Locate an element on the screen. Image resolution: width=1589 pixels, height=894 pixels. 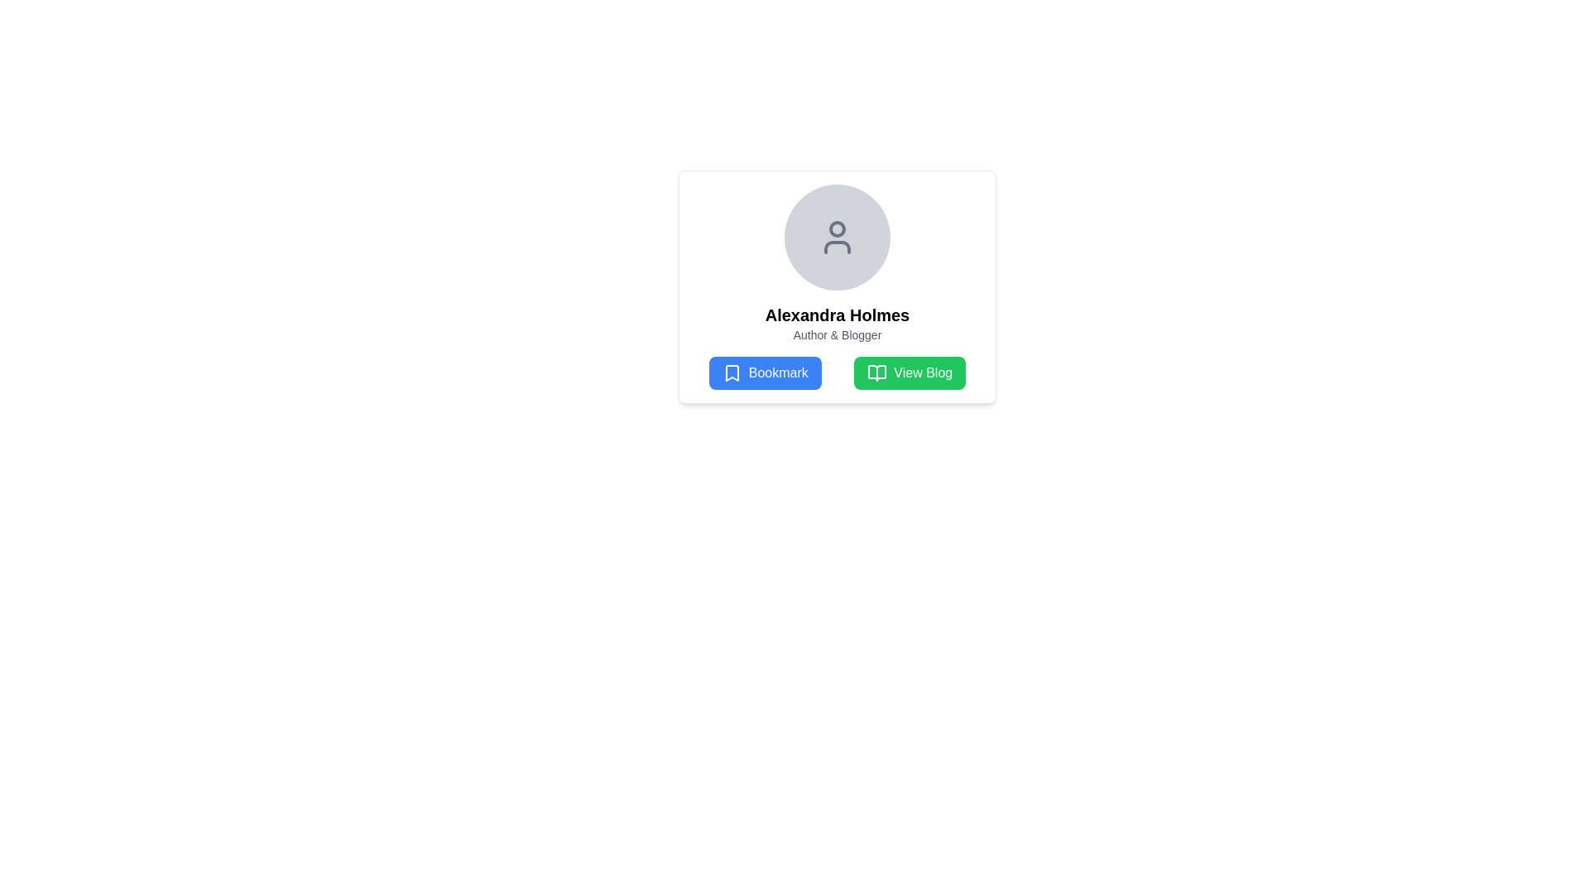
the icon located to the left of the 'View Blog' button, which visually enhances its purpose of navigating to the blog view is located at coordinates (876, 373).